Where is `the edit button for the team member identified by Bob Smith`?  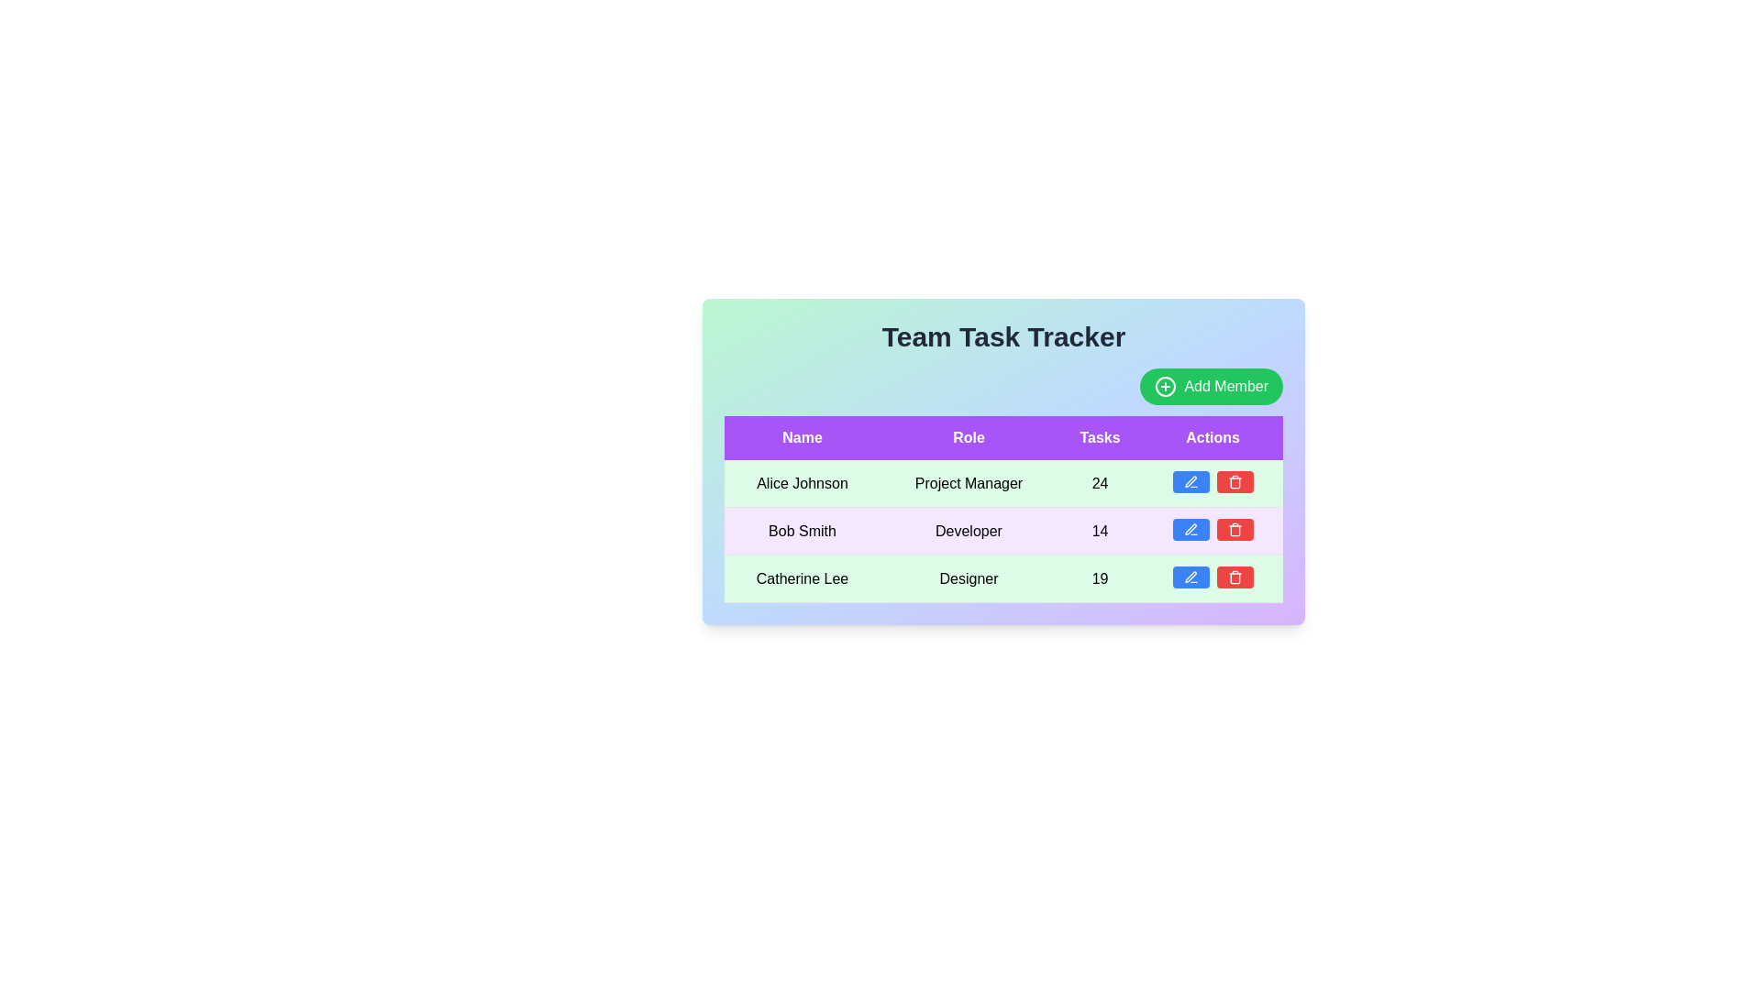 the edit button for the team member identified by Bob Smith is located at coordinates (1191, 530).